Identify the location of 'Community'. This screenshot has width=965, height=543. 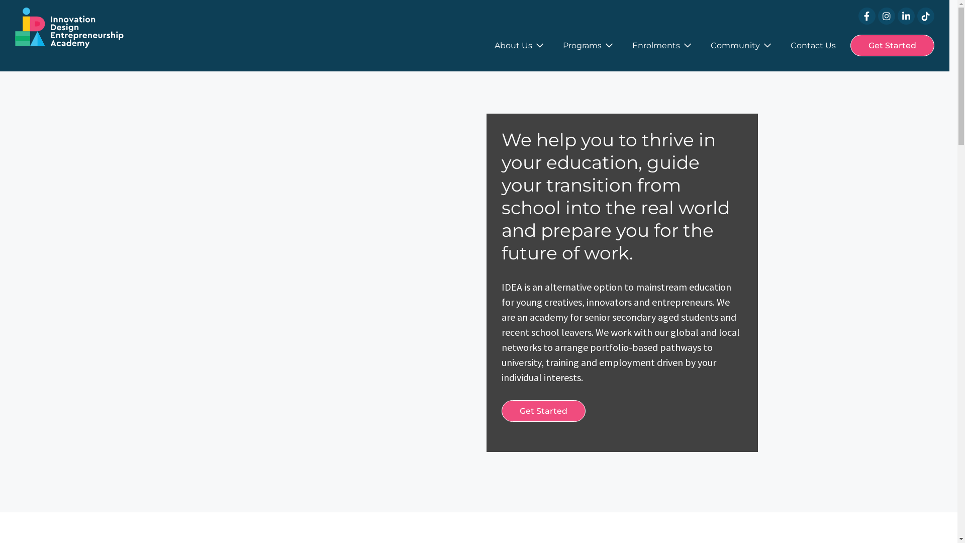
(710, 45).